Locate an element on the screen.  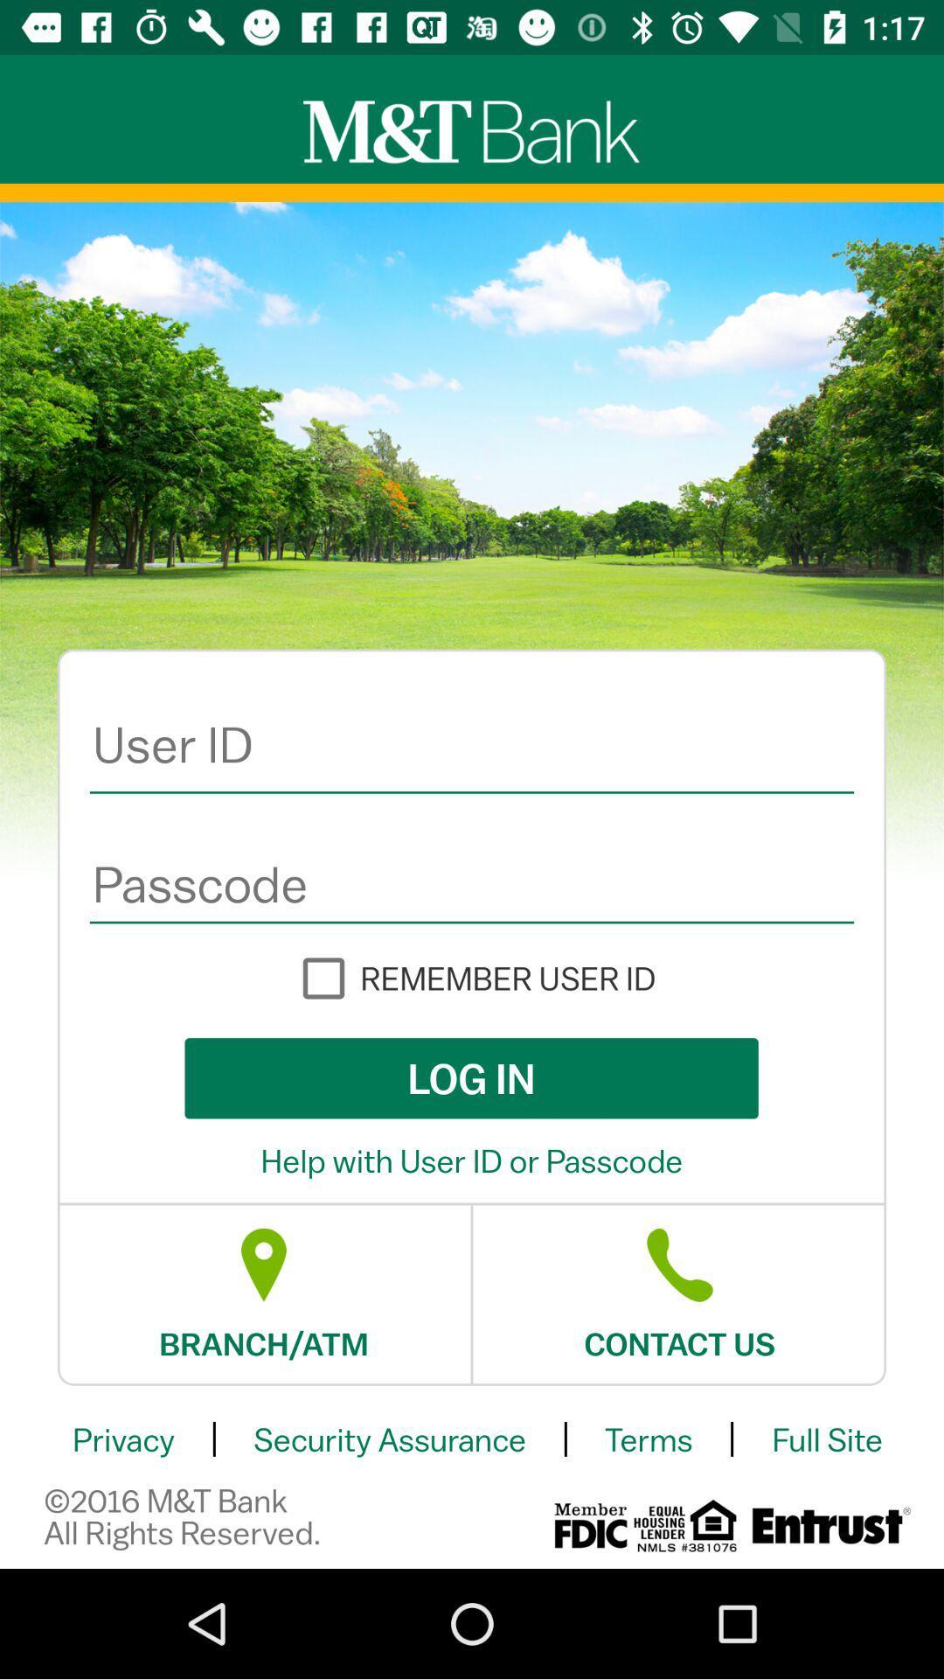
item next to the 2016 m t item is located at coordinates (590, 1524).